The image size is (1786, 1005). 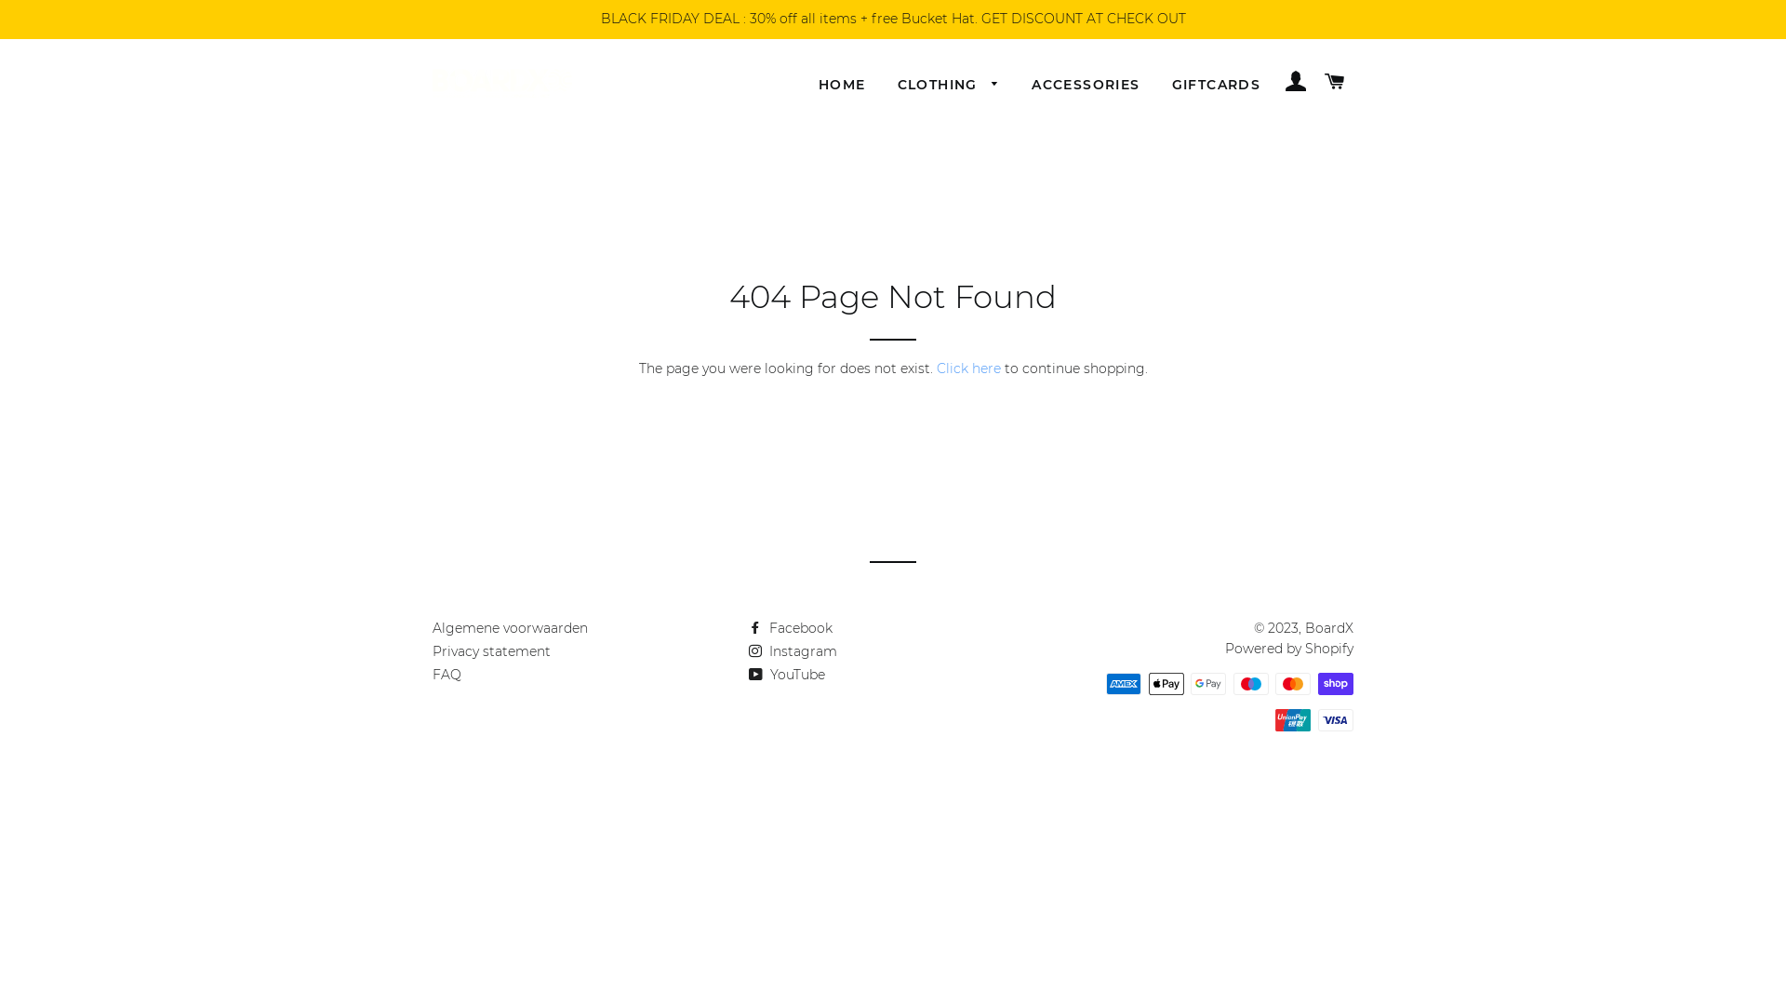 I want to click on 'LOG IN', so click(x=1294, y=81).